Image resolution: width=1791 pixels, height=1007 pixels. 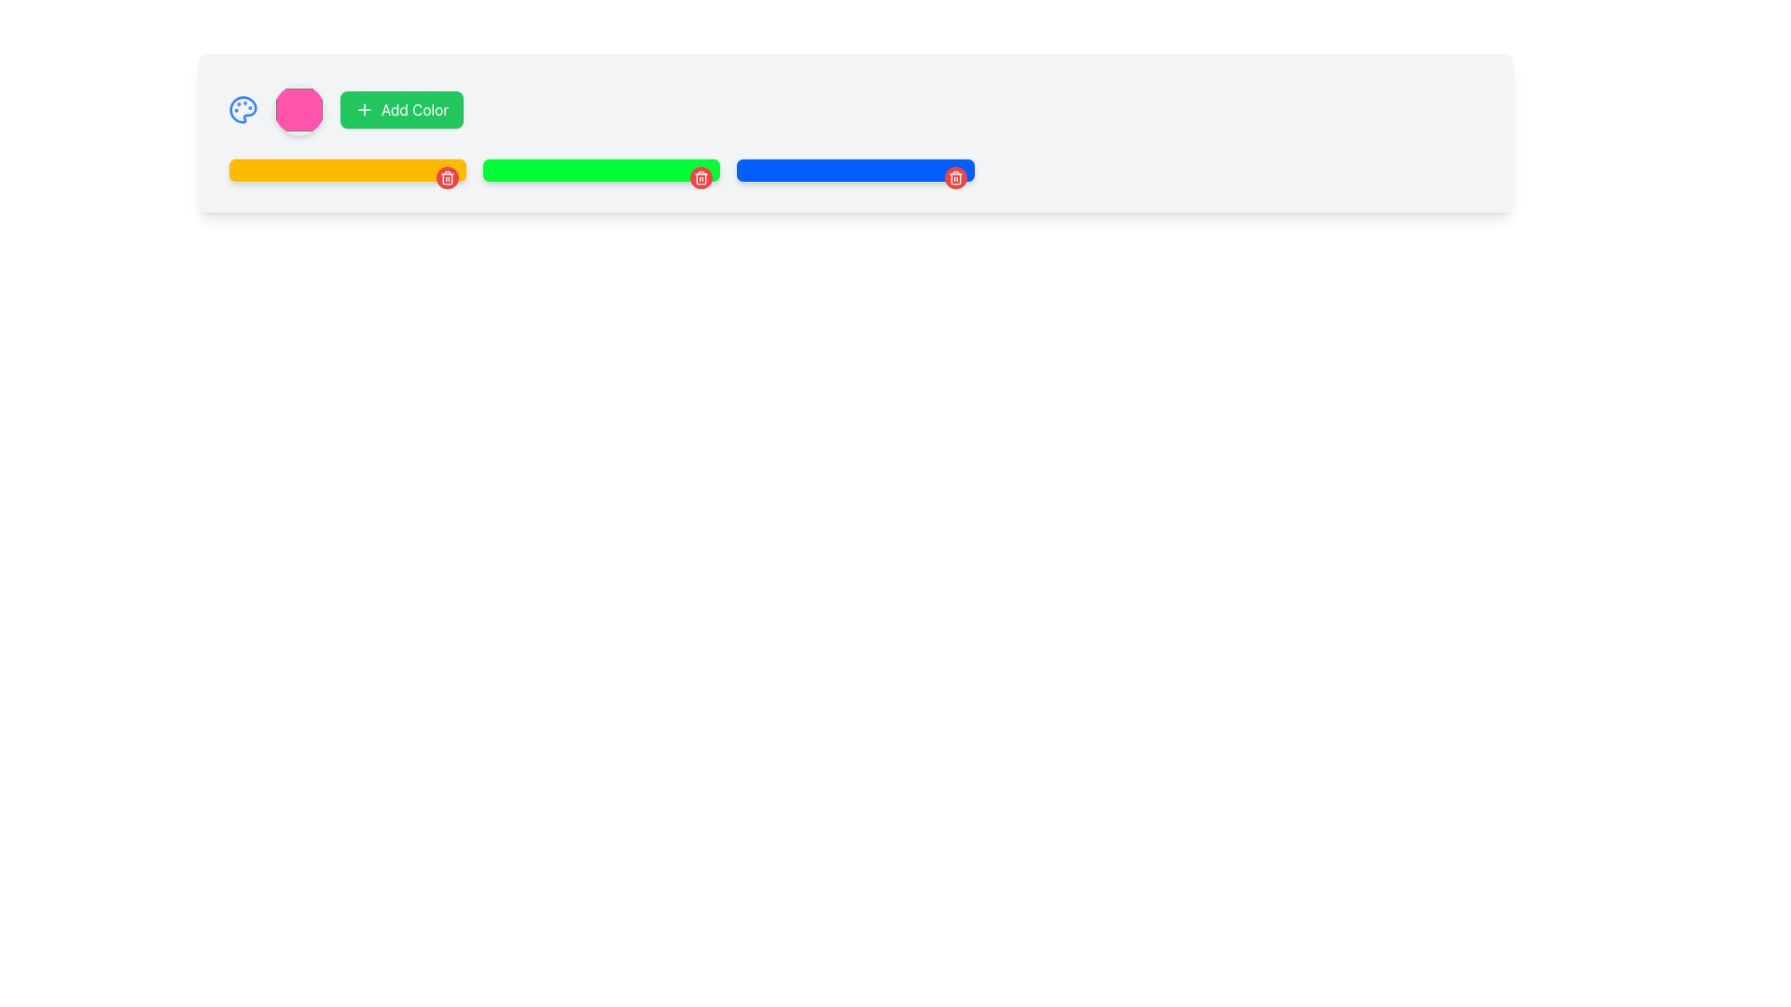 What do you see at coordinates (448, 178) in the screenshot?
I see `the circular red button with a white trash can icon in the top-right corner of the yellow bar to observe the hover effect` at bounding box center [448, 178].